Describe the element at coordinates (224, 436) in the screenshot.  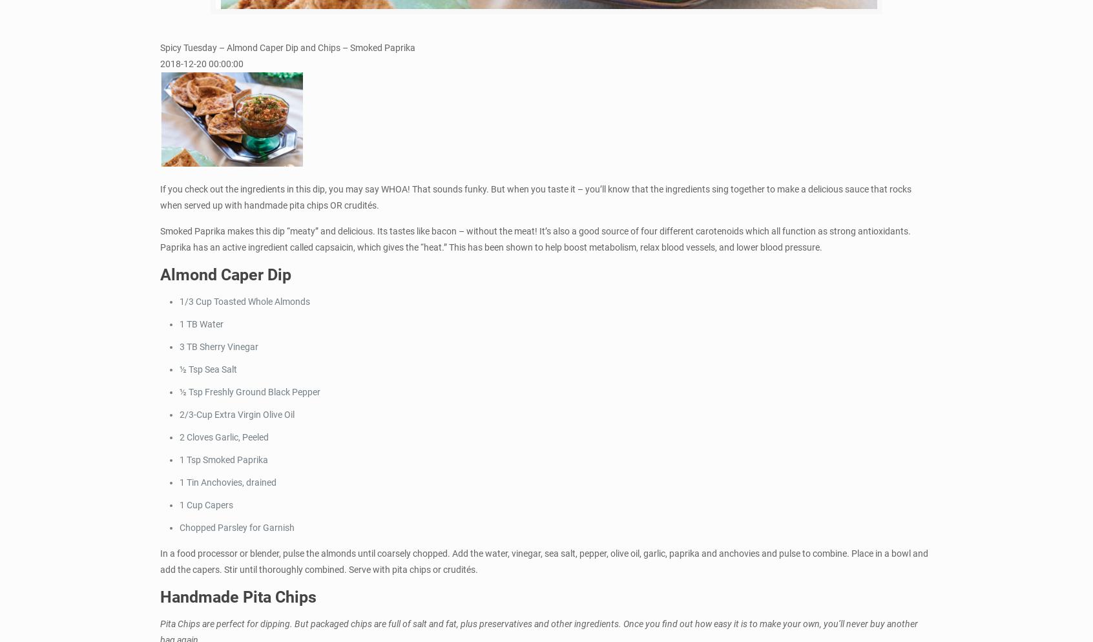
I see `'2 Cloves Garlic, Peeled'` at that location.